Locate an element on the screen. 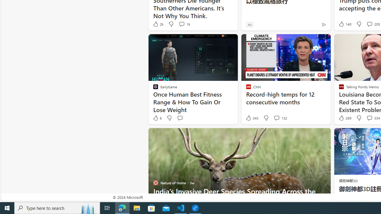 This screenshot has height=214, width=381. 'View comments 334 Comment' is located at coordinates (369, 118).